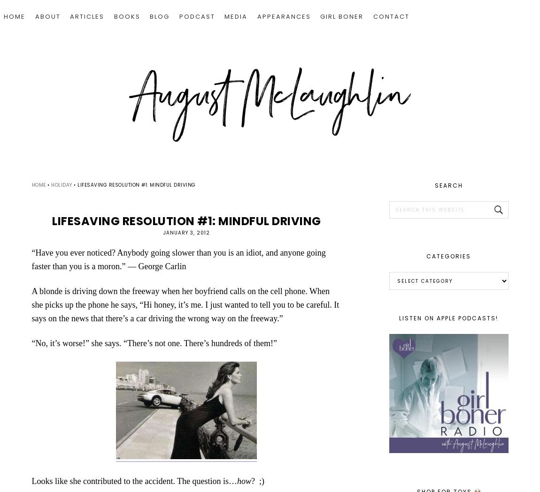 The width and height of the screenshot is (540, 492). I want to click on 'BIO', so click(48, 47).